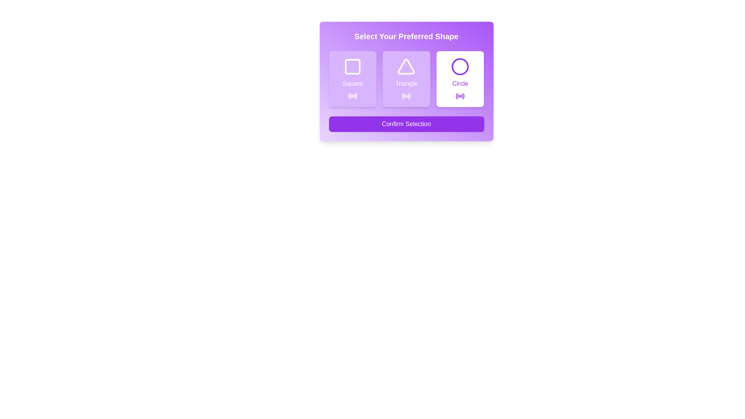  Describe the element at coordinates (406, 66) in the screenshot. I see `the triangle-shaped icon located within the purple card labeled 'Triangle' to indicate focus` at that location.